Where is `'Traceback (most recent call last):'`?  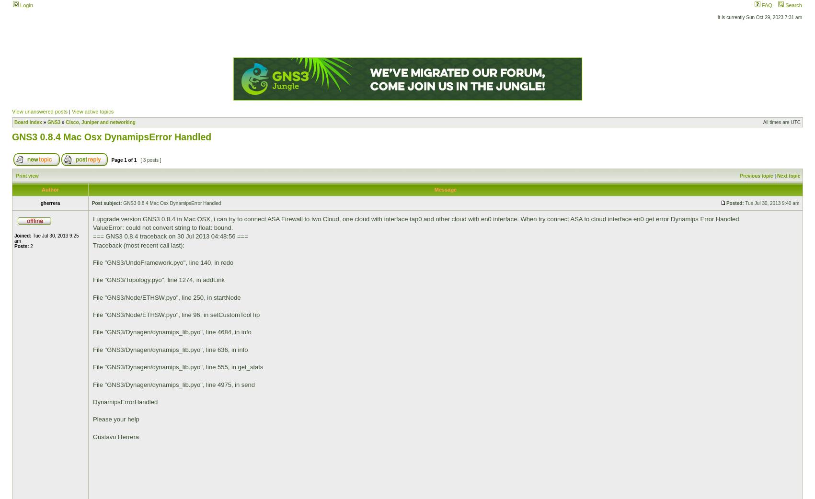 'Traceback (most recent call last):' is located at coordinates (138, 245).